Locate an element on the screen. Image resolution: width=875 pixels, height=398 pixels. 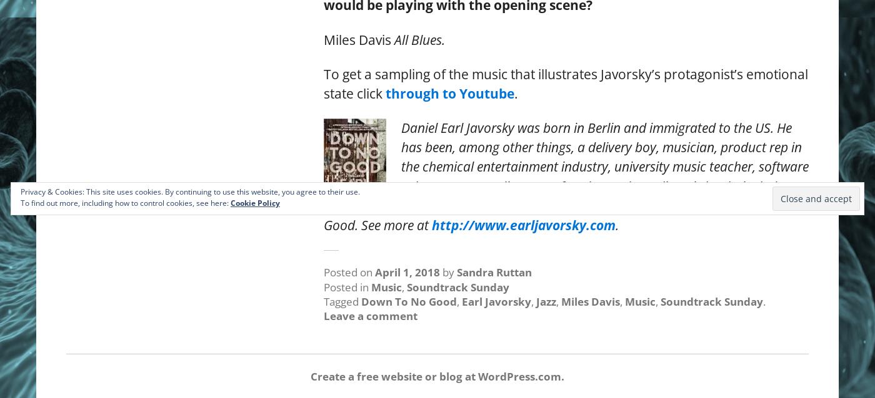
'Leave a comment' is located at coordinates (371, 315).